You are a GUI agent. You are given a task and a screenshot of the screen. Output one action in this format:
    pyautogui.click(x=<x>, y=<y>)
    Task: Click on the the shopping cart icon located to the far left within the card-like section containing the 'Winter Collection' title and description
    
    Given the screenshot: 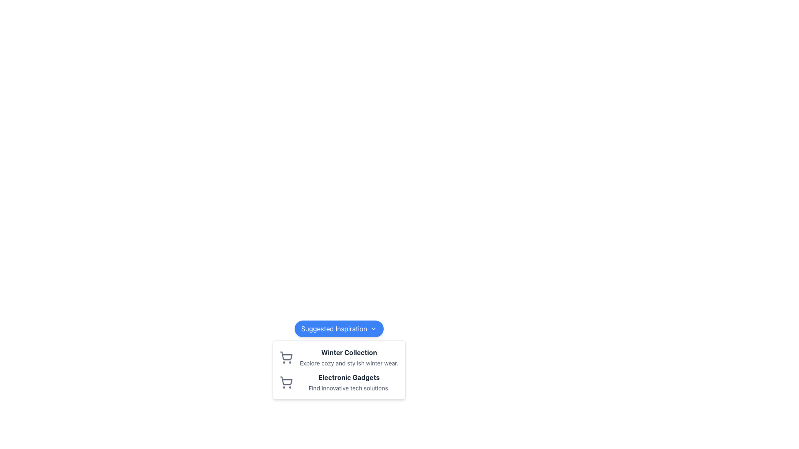 What is the action you would take?
    pyautogui.click(x=286, y=357)
    